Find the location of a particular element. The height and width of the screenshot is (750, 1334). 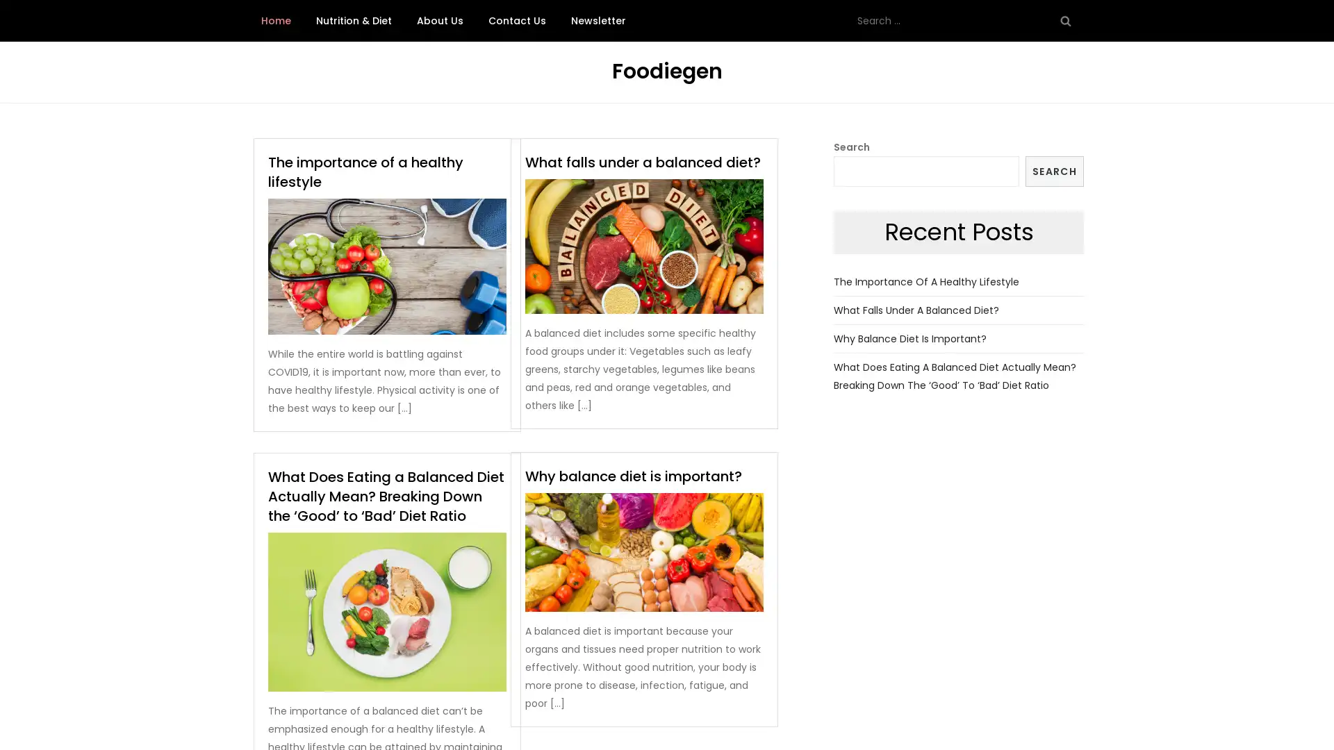

SEARCH is located at coordinates (1054, 170).